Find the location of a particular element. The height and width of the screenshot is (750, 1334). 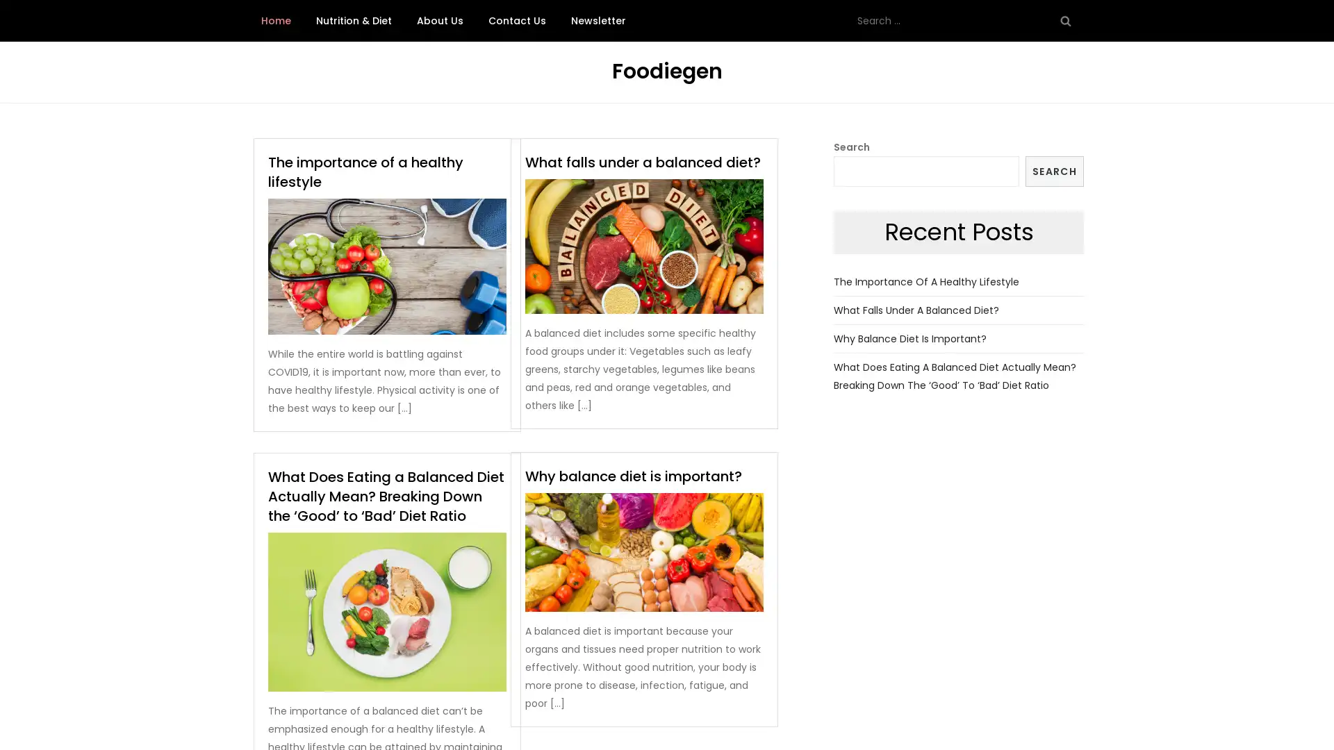

SEARCH is located at coordinates (1054, 170).